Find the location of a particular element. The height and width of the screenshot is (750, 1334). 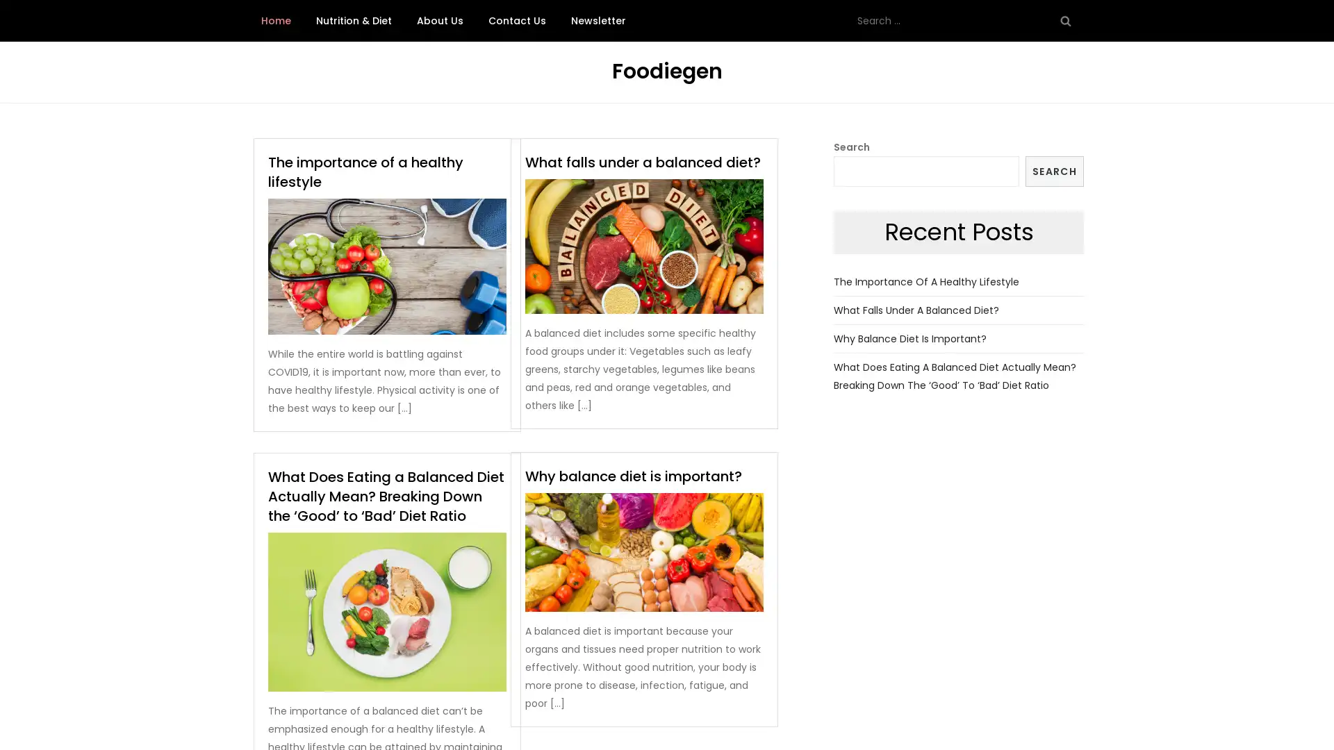

SEARCH is located at coordinates (1054, 170).